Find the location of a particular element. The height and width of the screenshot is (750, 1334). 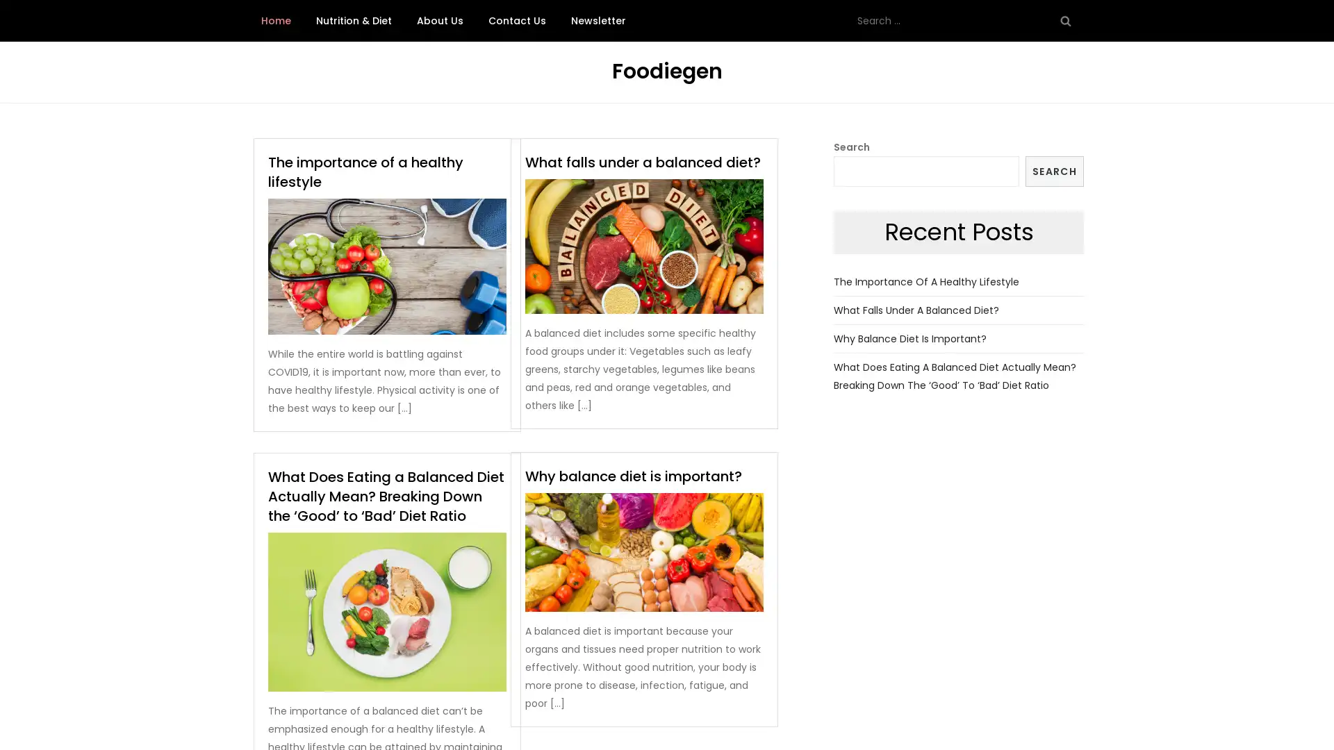

SEARCH is located at coordinates (1054, 170).